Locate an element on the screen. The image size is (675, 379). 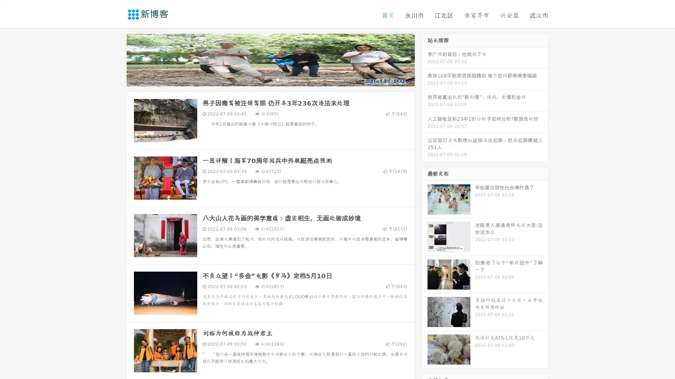
Go to slide 2 is located at coordinates (270, 79).